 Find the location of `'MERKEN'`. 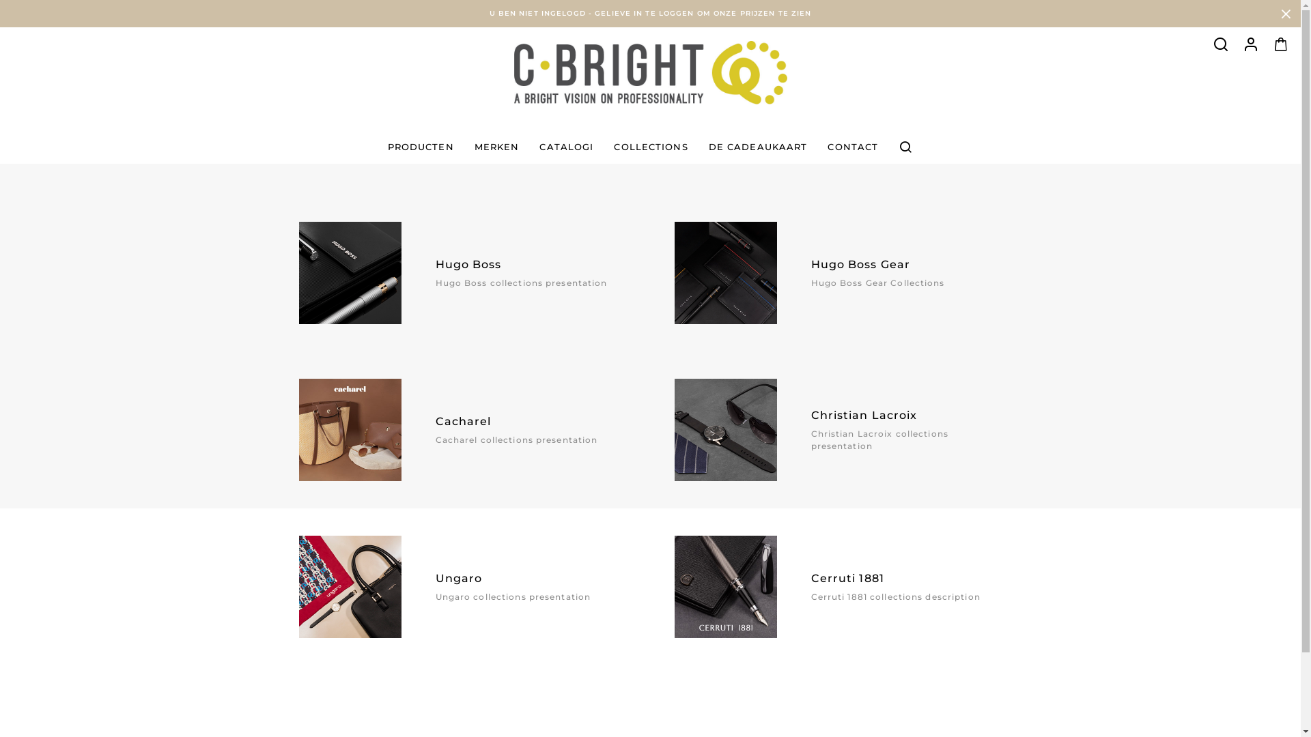

'MERKEN' is located at coordinates (496, 147).